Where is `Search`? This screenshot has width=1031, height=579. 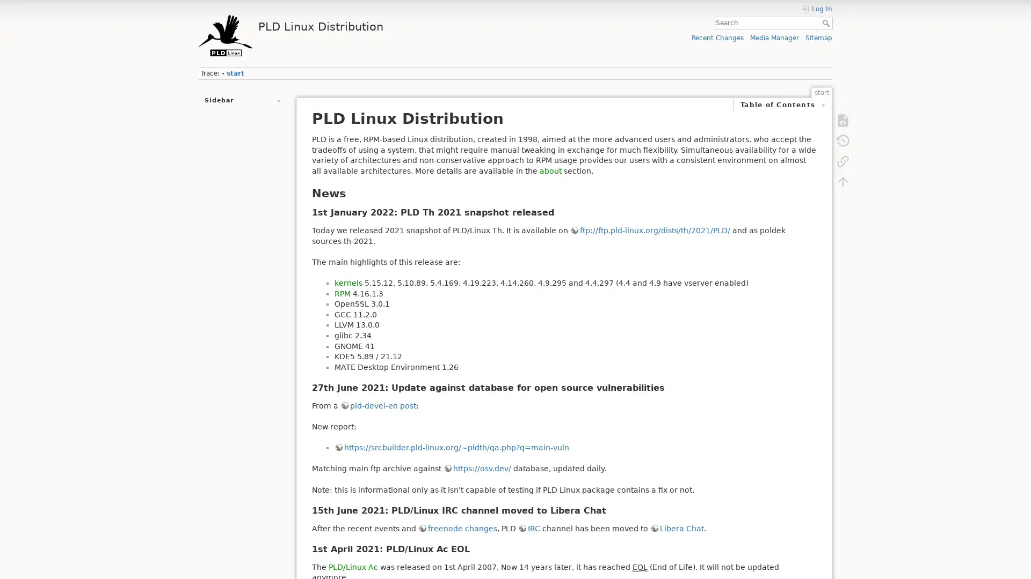 Search is located at coordinates (826, 23).